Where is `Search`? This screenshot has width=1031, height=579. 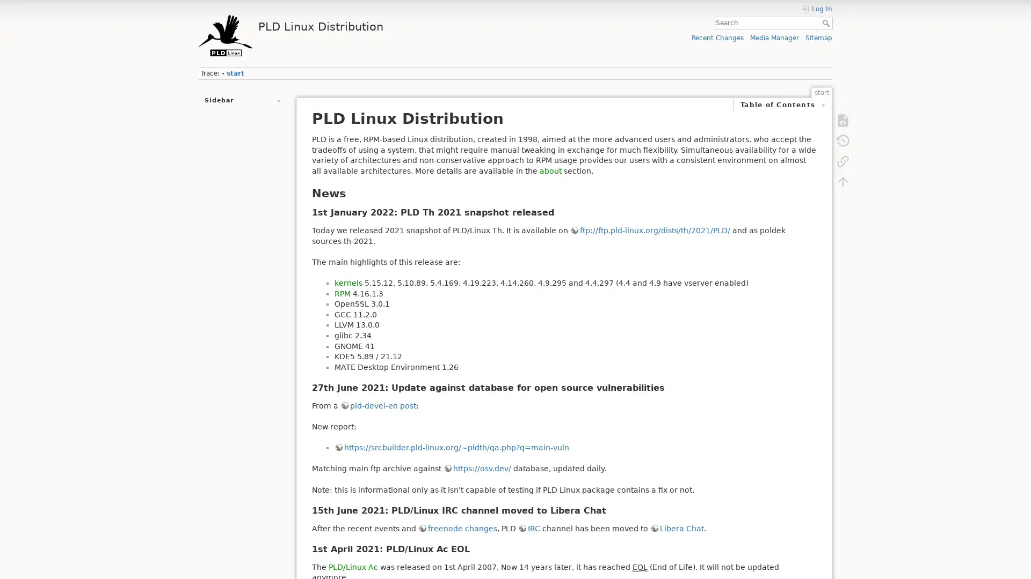 Search is located at coordinates (826, 23).